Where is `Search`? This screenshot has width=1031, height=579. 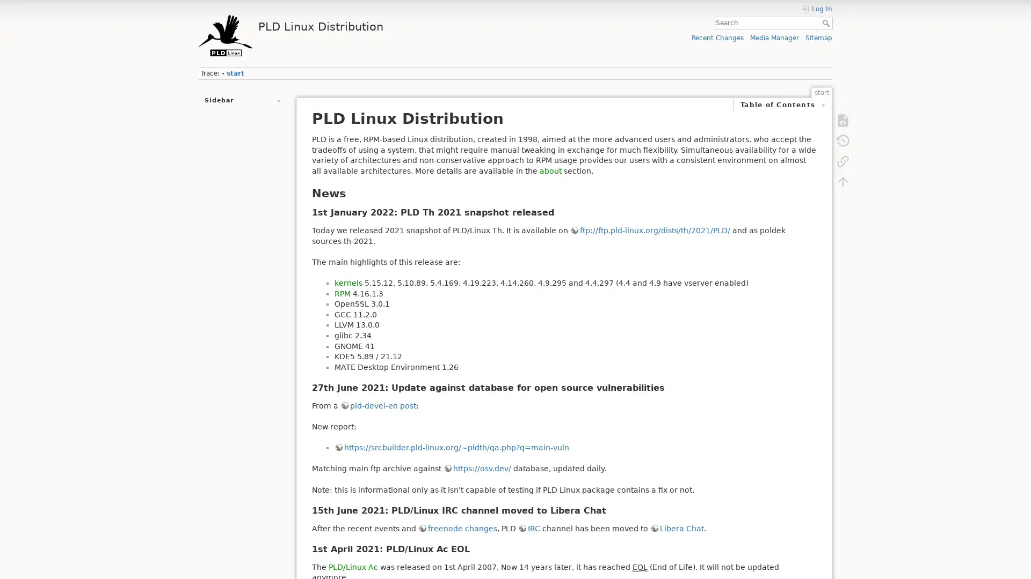 Search is located at coordinates (826, 23).